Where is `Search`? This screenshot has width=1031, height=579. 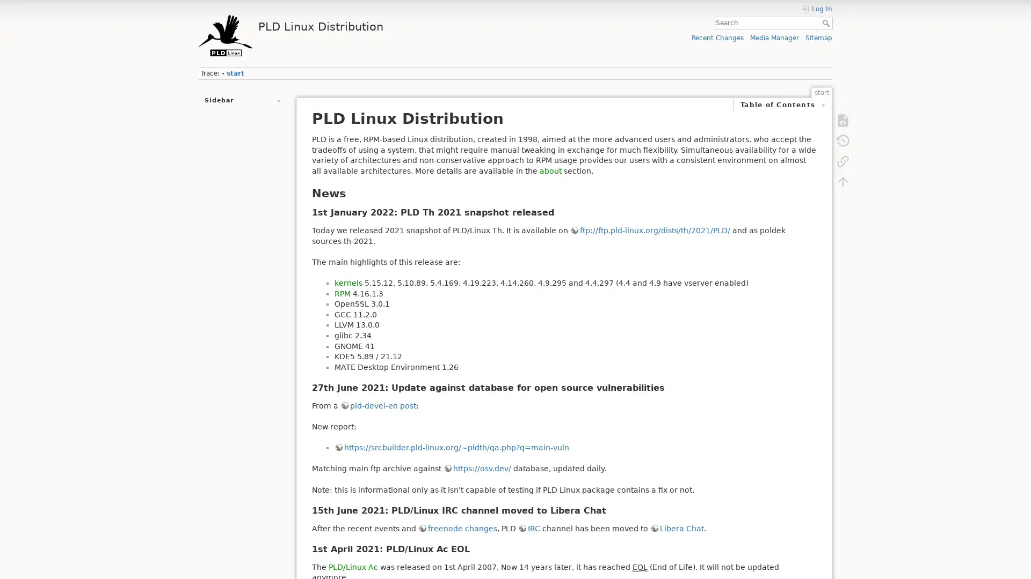 Search is located at coordinates (826, 23).